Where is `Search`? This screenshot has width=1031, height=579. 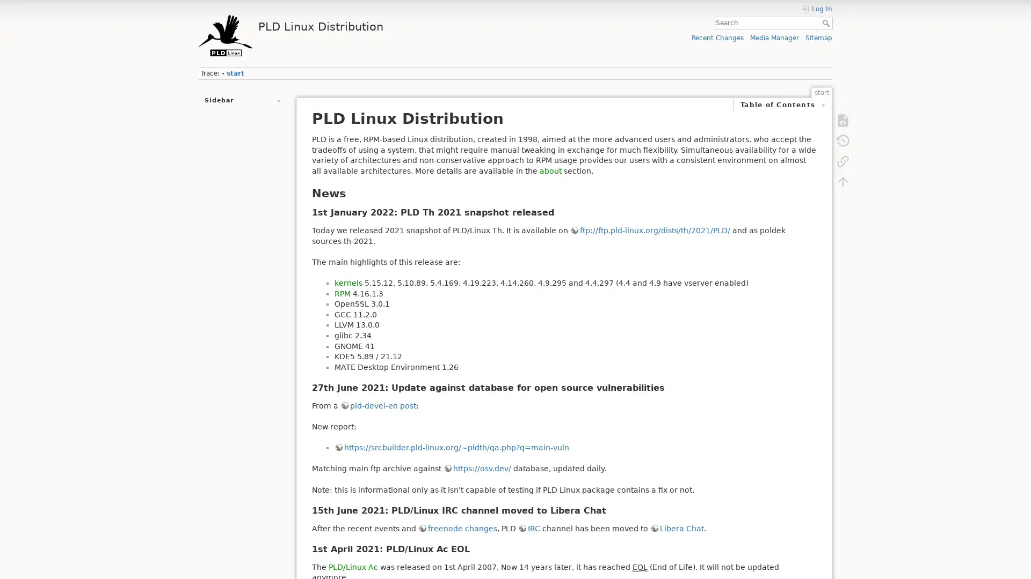 Search is located at coordinates (826, 23).